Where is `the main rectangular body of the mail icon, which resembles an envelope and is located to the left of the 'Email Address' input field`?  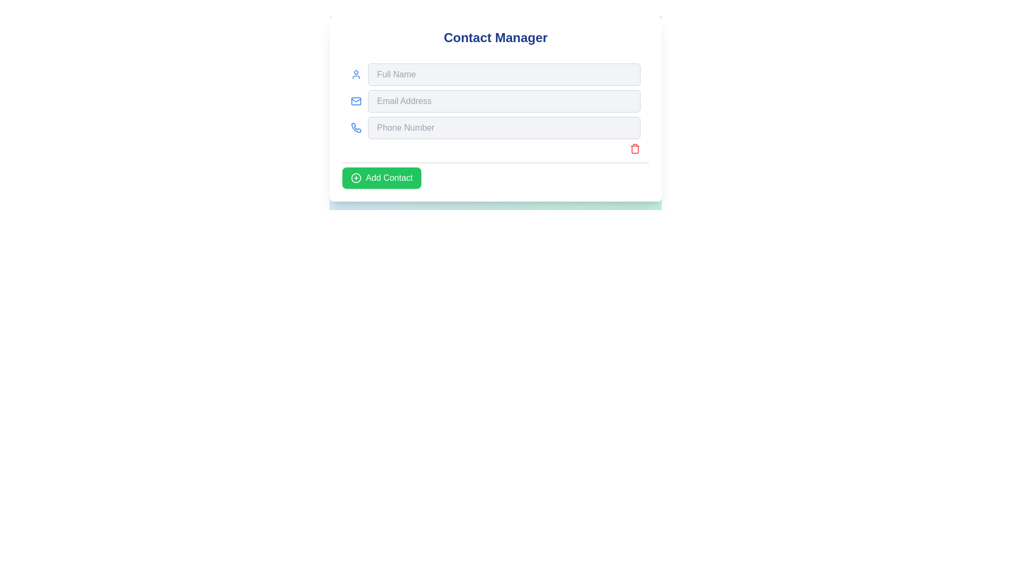 the main rectangular body of the mail icon, which resembles an envelope and is located to the left of the 'Email Address' input field is located at coordinates (356, 101).